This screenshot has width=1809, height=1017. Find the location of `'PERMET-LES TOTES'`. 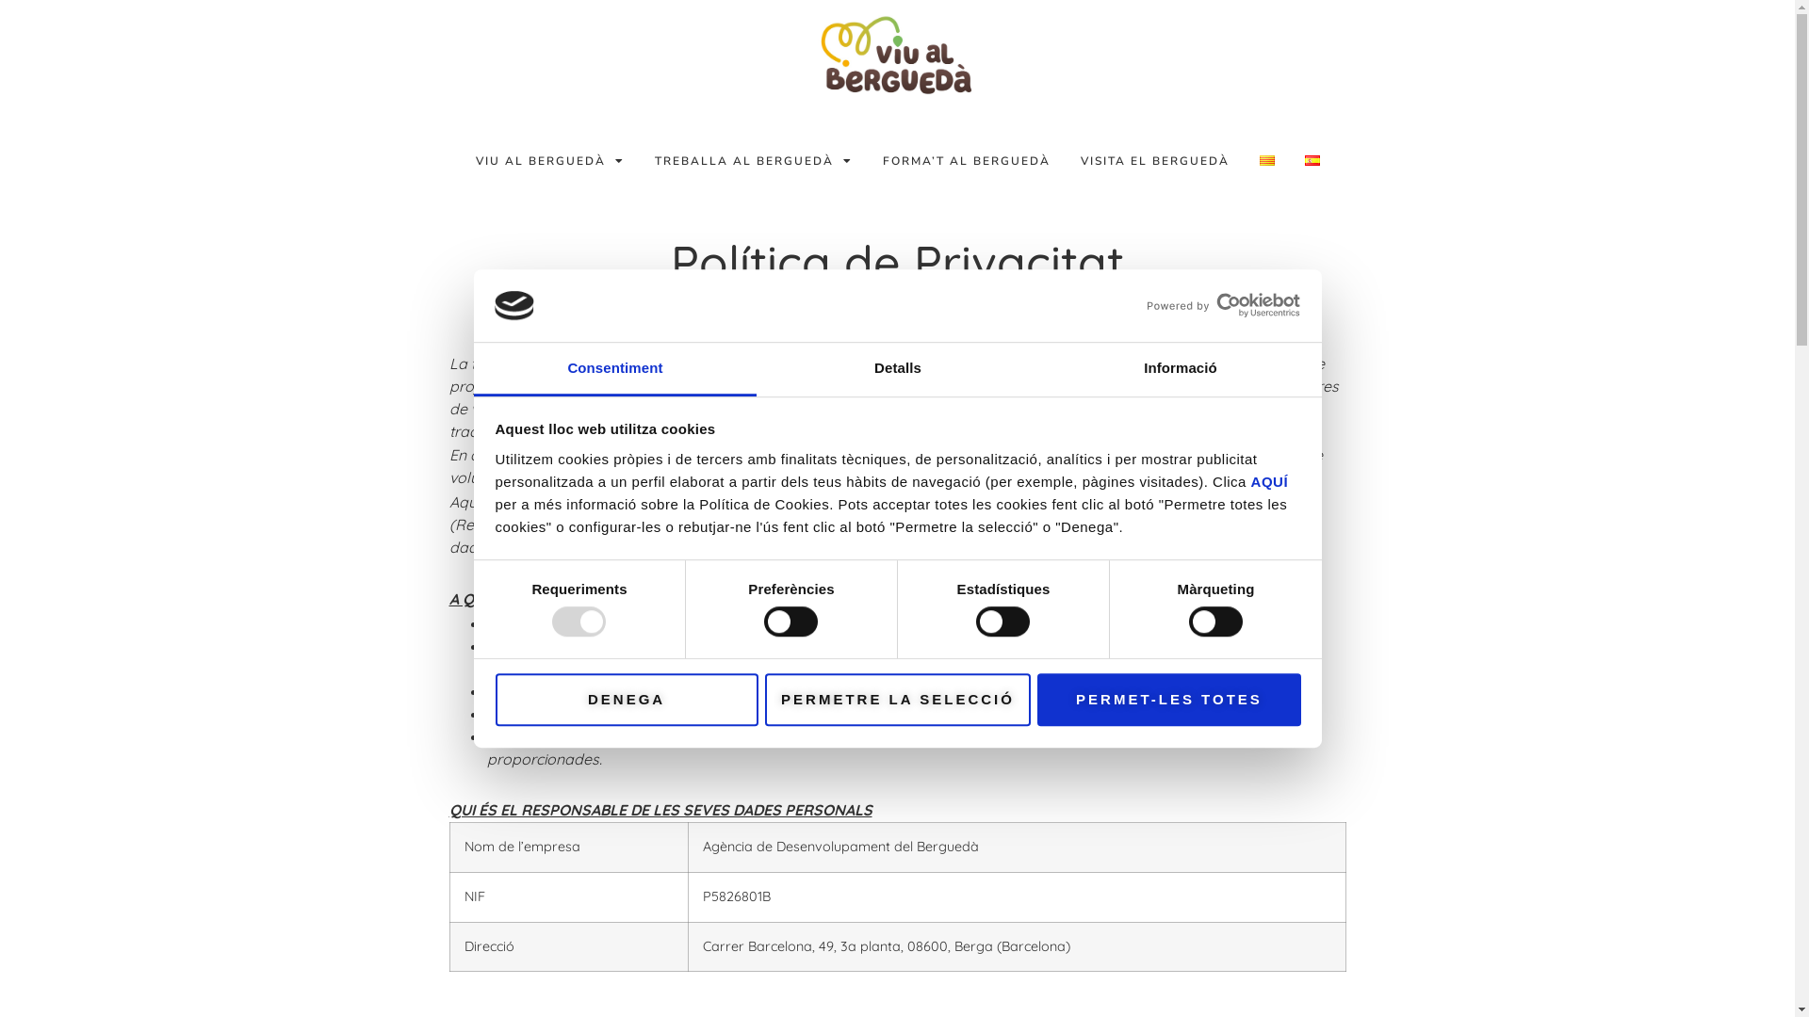

'PERMET-LES TOTES' is located at coordinates (1167, 700).